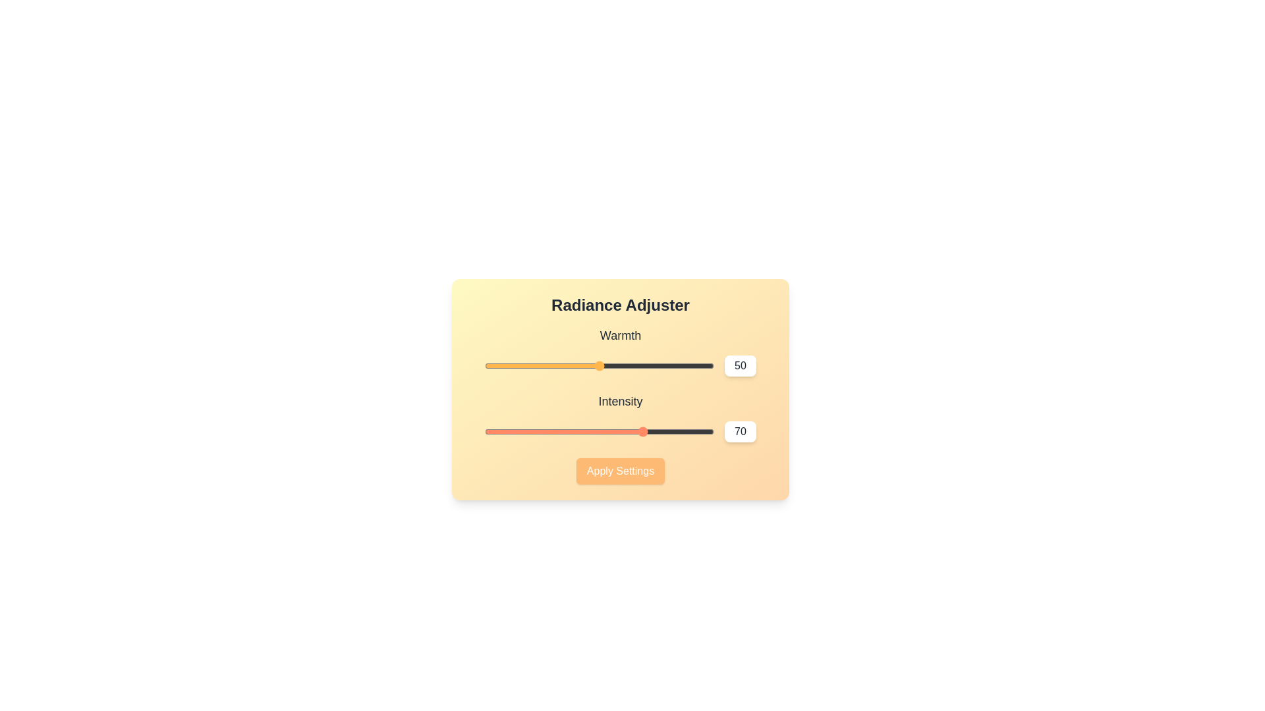 The image size is (1265, 711). What do you see at coordinates (500, 431) in the screenshot?
I see `the 'Intensity' slider to 7 value` at bounding box center [500, 431].